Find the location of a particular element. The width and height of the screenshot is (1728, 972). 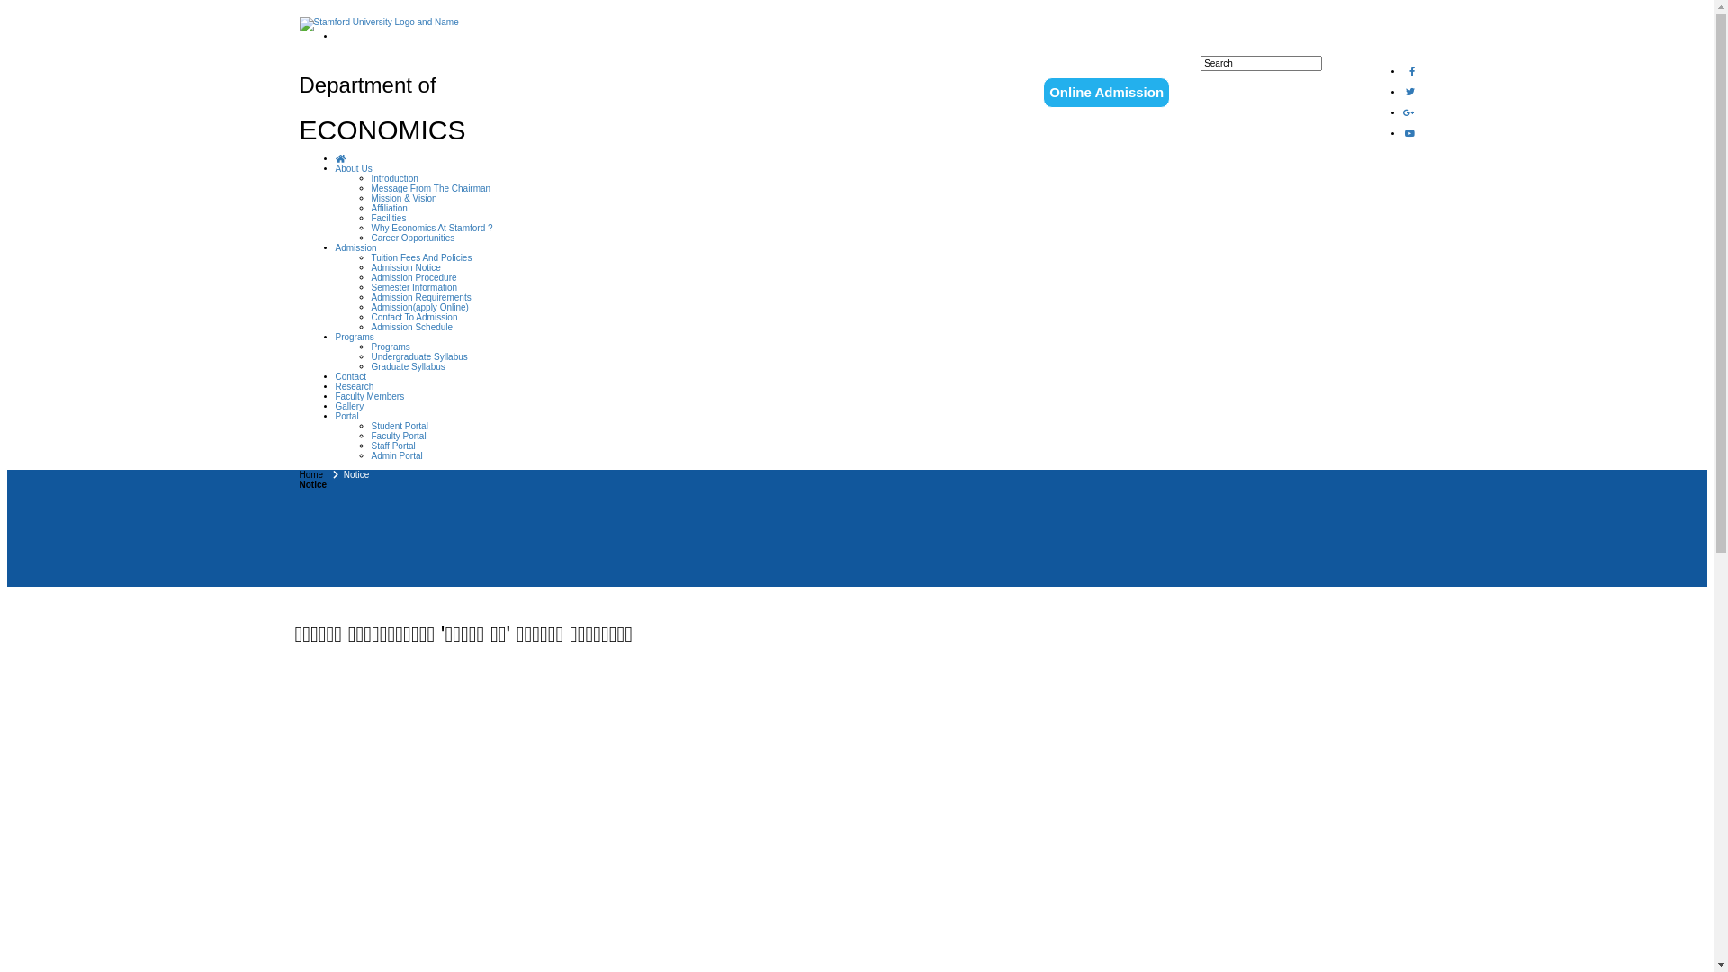

'Contact To Admission' is located at coordinates (413, 316).